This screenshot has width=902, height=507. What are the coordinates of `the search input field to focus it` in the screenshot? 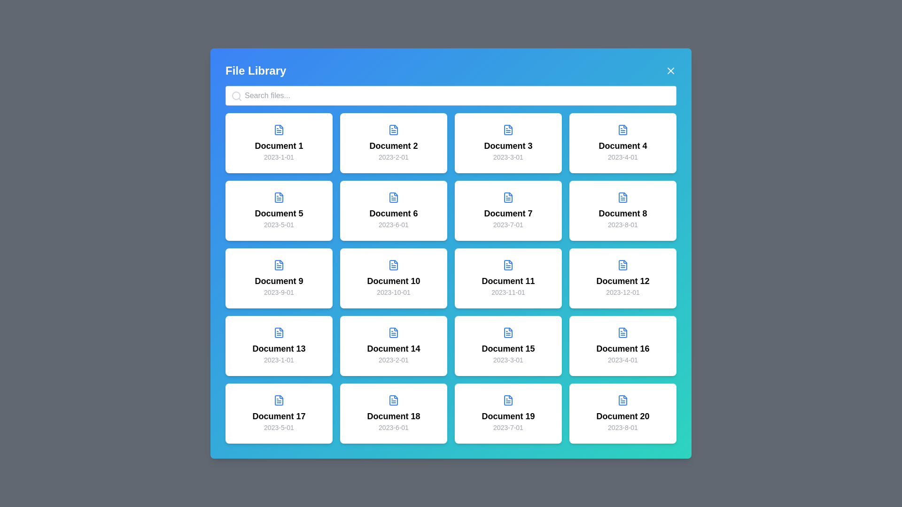 It's located at (451, 96).